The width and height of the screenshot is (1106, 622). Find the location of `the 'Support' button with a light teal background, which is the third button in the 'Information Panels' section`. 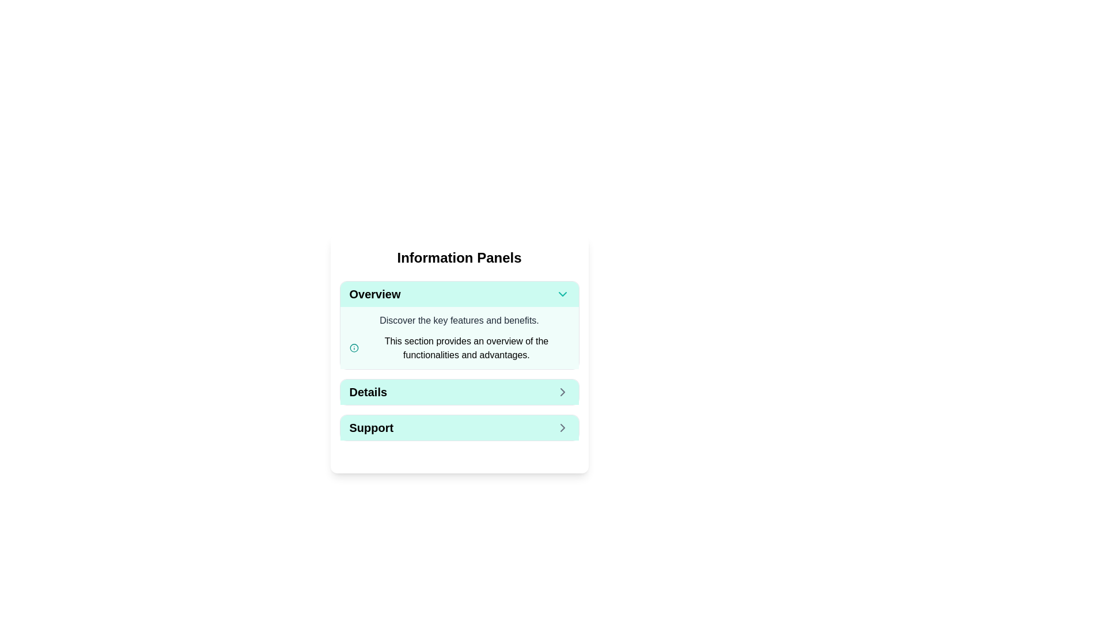

the 'Support' button with a light teal background, which is the third button in the 'Information Panels' section is located at coordinates (459, 428).